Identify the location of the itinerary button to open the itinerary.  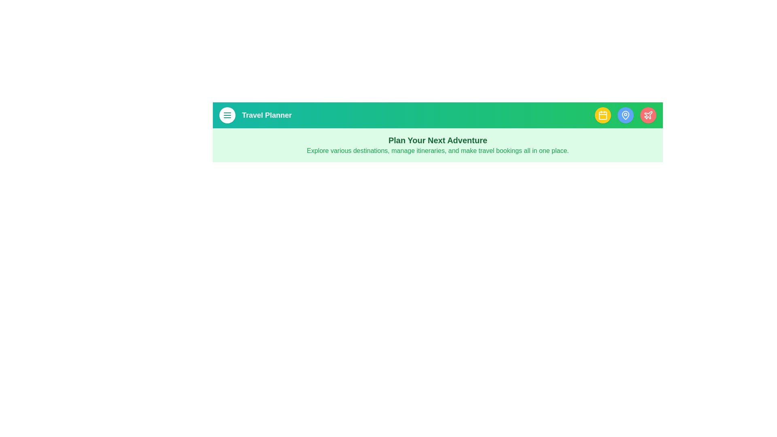
(603, 115).